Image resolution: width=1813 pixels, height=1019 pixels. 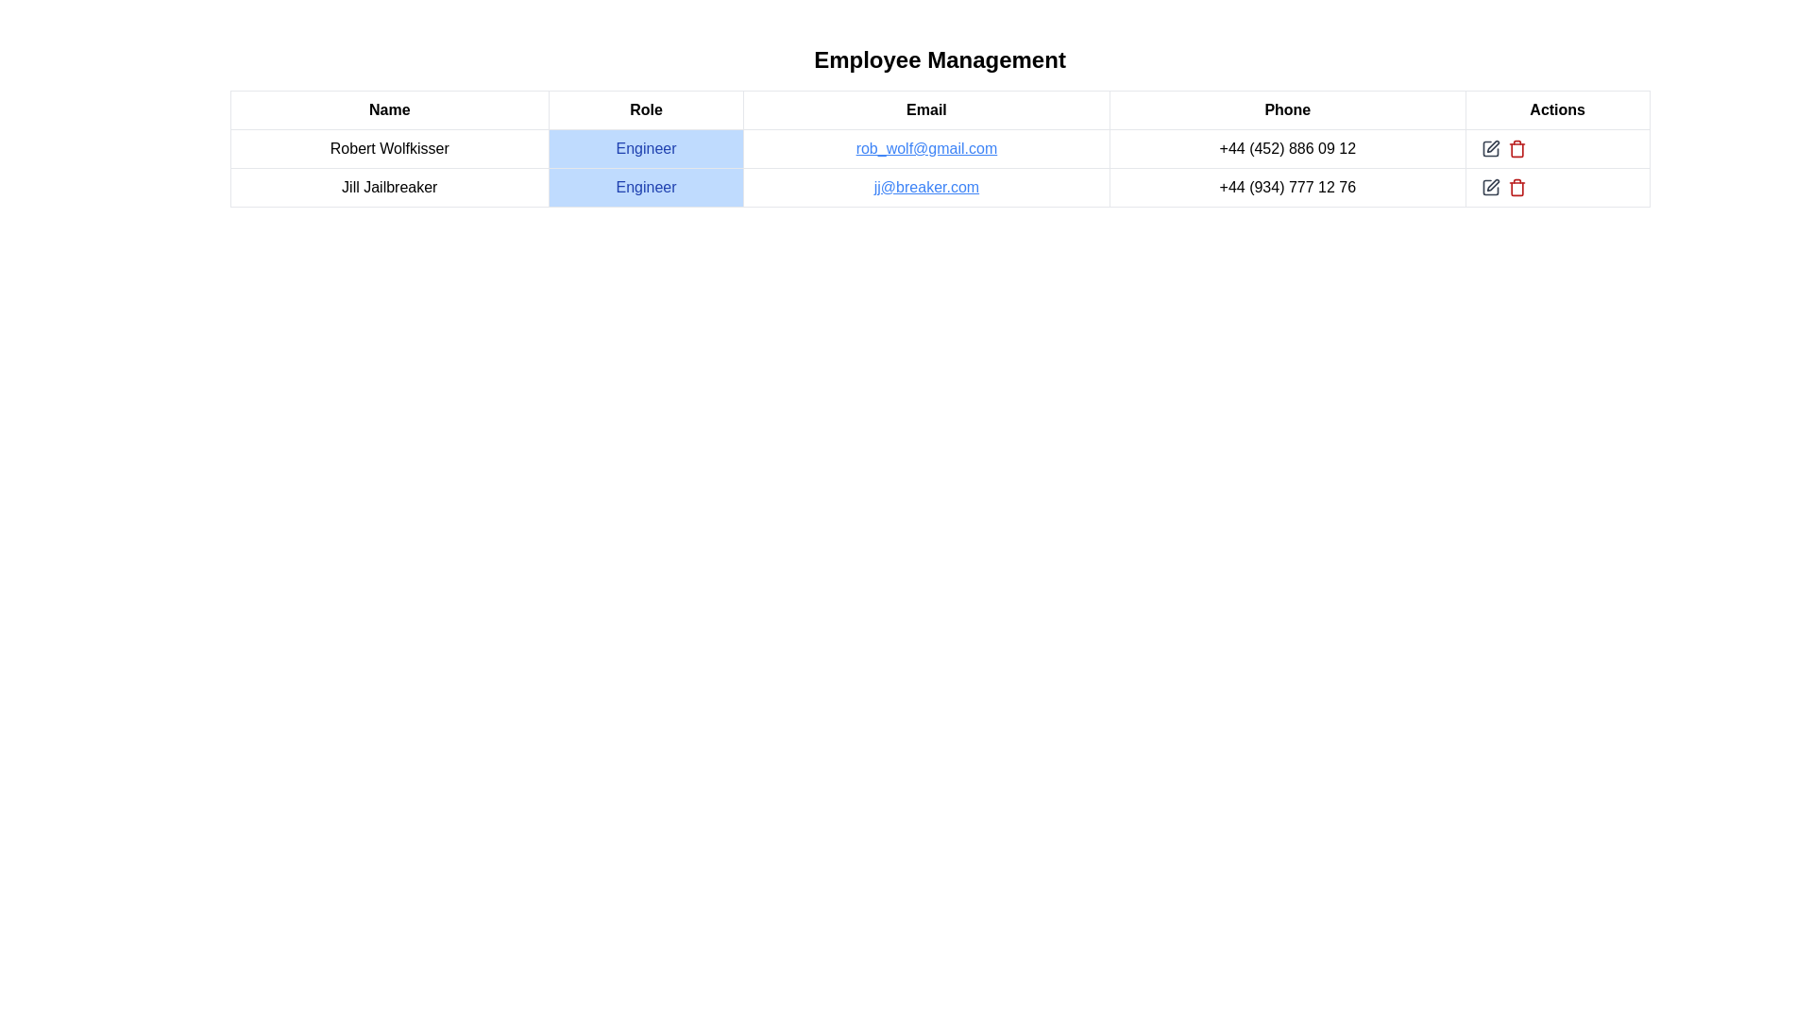 What do you see at coordinates (1489, 188) in the screenshot?
I see `the edit icon in the 'Actions' column for 'Jill Jailbreaker' to initiate editing` at bounding box center [1489, 188].